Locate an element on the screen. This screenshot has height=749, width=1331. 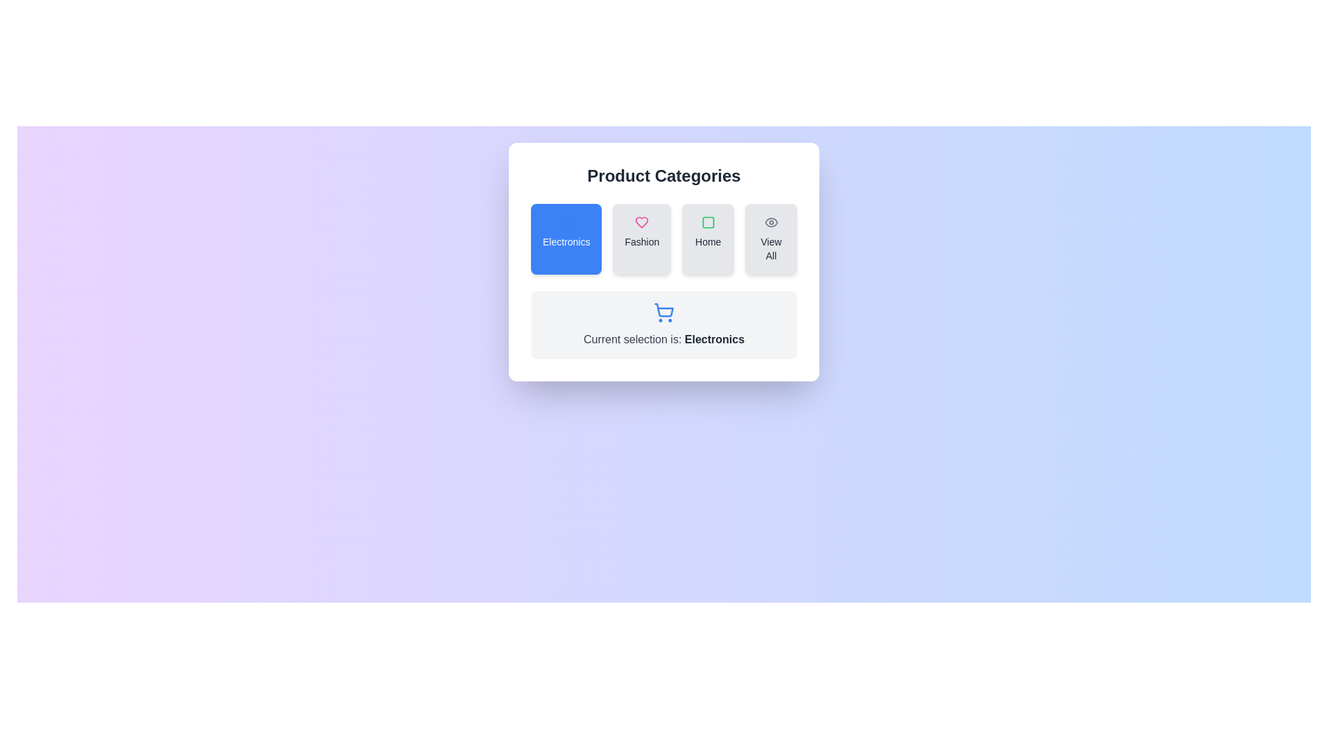
text of the label displaying 'Electronics', which is part of the sentence 'Current selection is: Electronics' is located at coordinates (714, 339).